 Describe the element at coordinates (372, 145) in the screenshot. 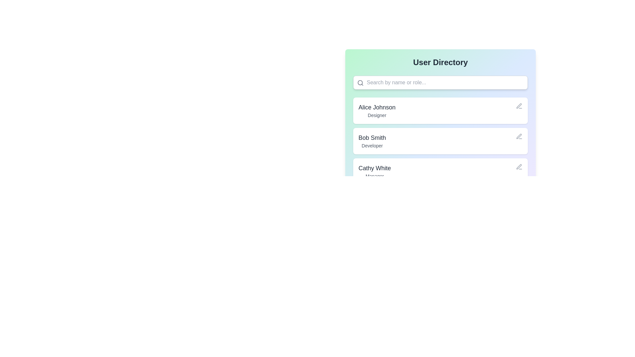

I see `the static text label indicating the role or occupation of the user 'Bob Smith' in the User Directory, located in the second list item` at that location.